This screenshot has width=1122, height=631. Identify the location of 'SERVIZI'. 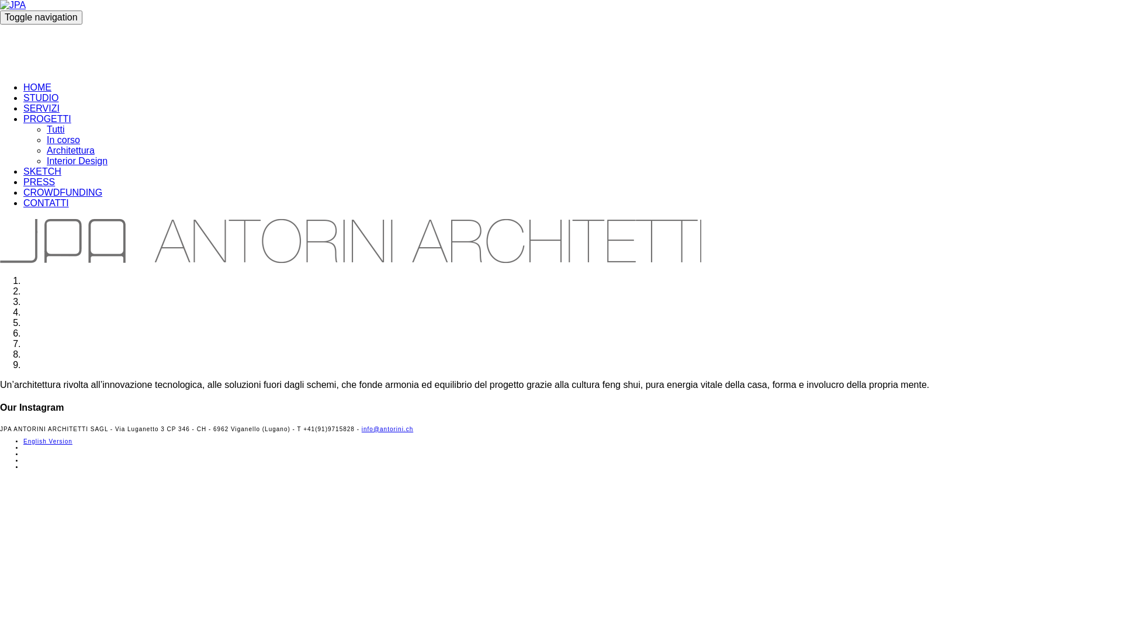
(41, 108).